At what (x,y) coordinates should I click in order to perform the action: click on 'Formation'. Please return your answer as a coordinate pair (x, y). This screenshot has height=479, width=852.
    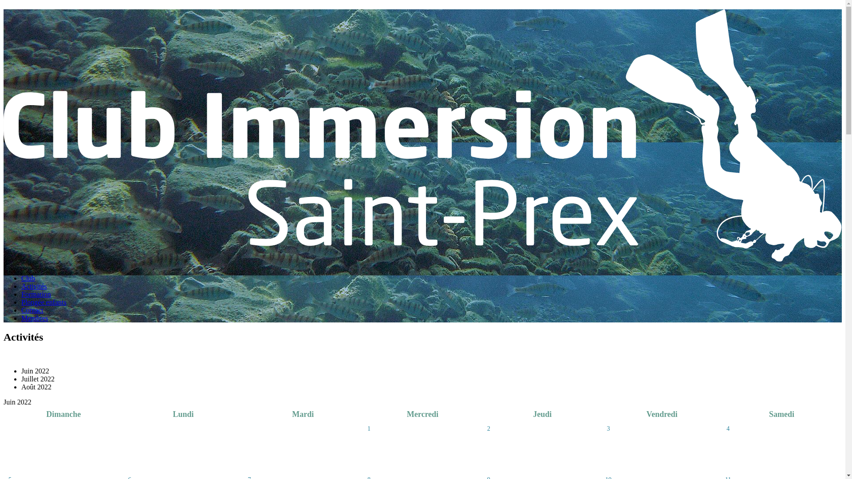
    Looking at the image, I should click on (35, 294).